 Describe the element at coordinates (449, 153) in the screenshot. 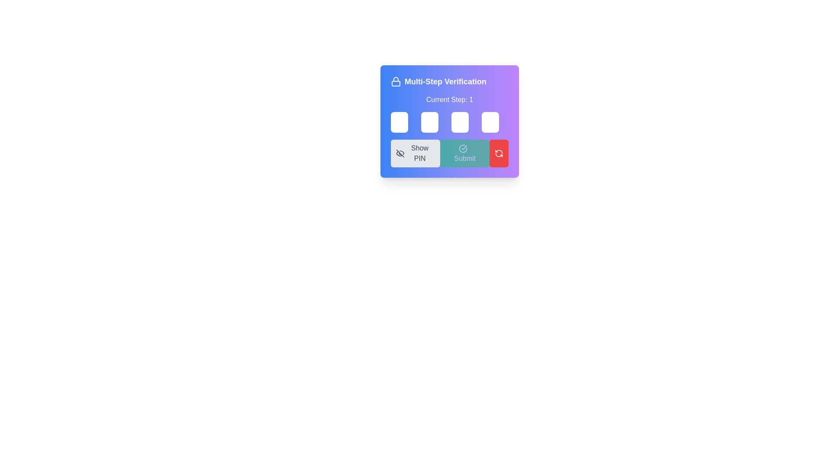

I see `the central submit button located in the bottom row of the panel, positioned between the 'Show PIN' button and a red circular arrow button` at that location.